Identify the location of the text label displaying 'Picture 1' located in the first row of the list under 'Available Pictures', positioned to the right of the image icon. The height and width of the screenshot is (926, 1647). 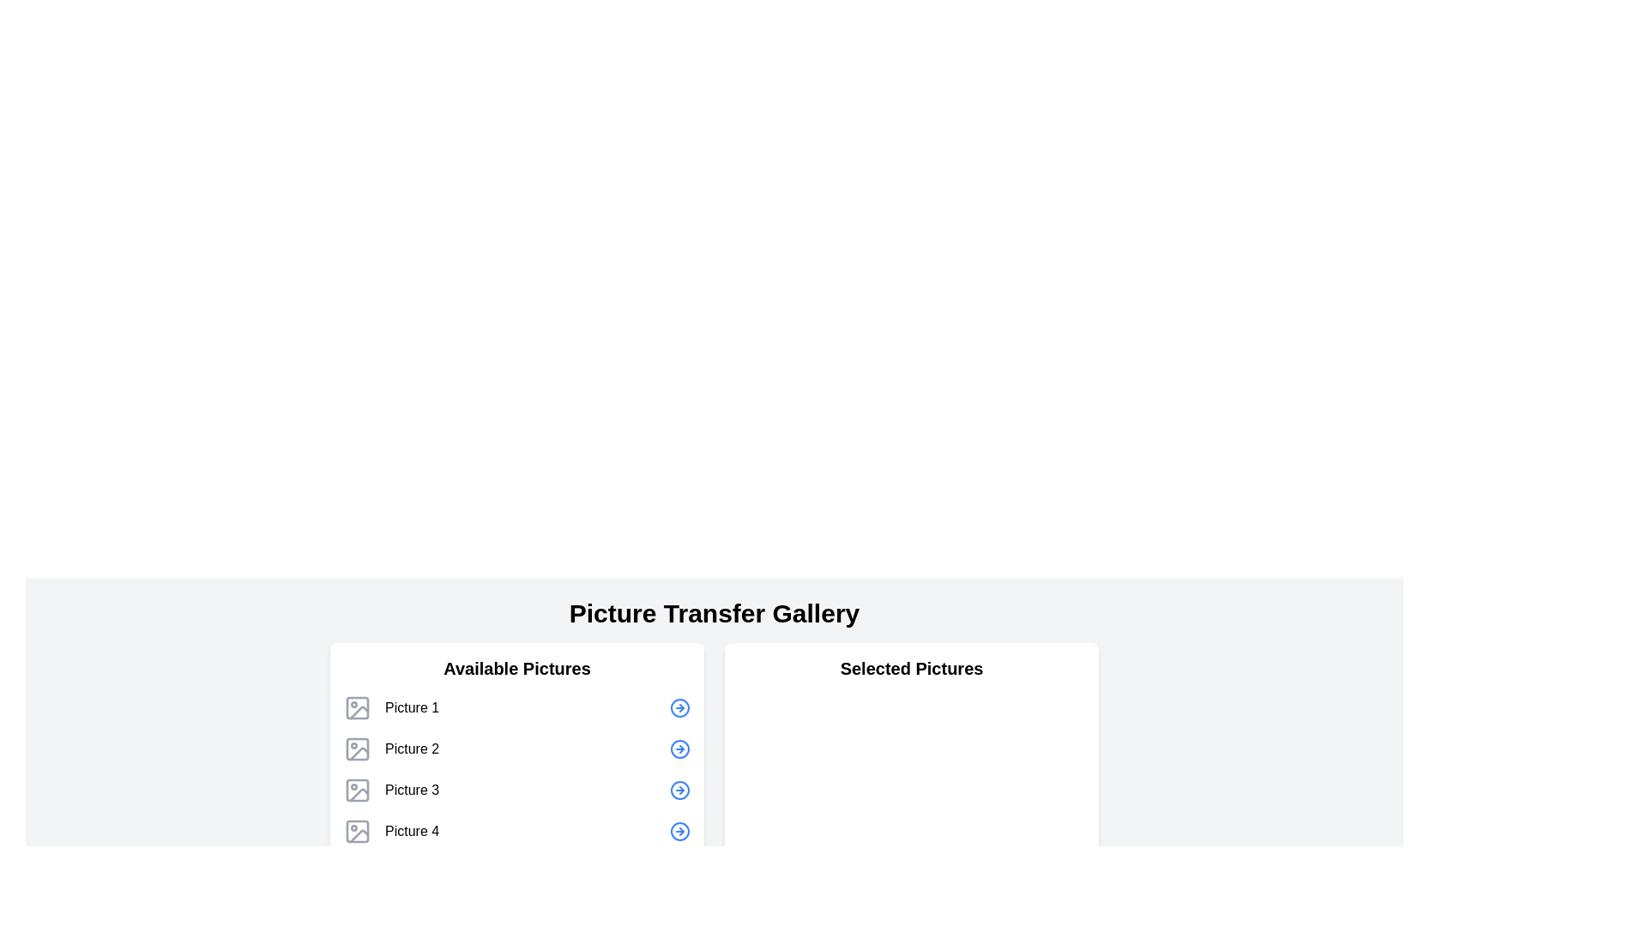
(412, 707).